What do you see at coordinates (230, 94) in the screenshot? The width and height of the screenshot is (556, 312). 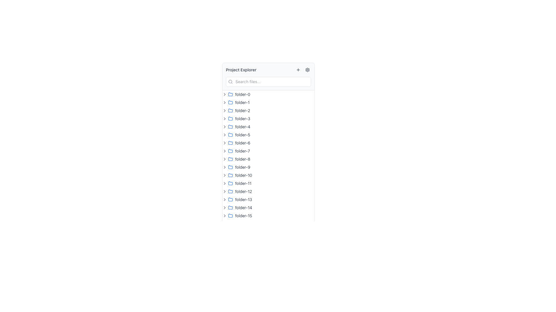 I see `the blue folder icon with rounded edges located in the first folder item of the 'Project Explorer' sidebar` at bounding box center [230, 94].